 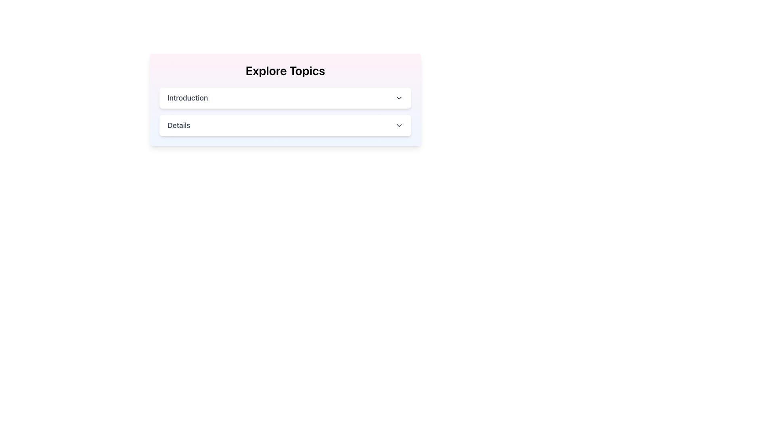 I want to click on the 'Introduction' and 'Details' sections of the collapsible component located below the title 'Explore Topics' to potentially reveal tooltips, so click(x=285, y=112).